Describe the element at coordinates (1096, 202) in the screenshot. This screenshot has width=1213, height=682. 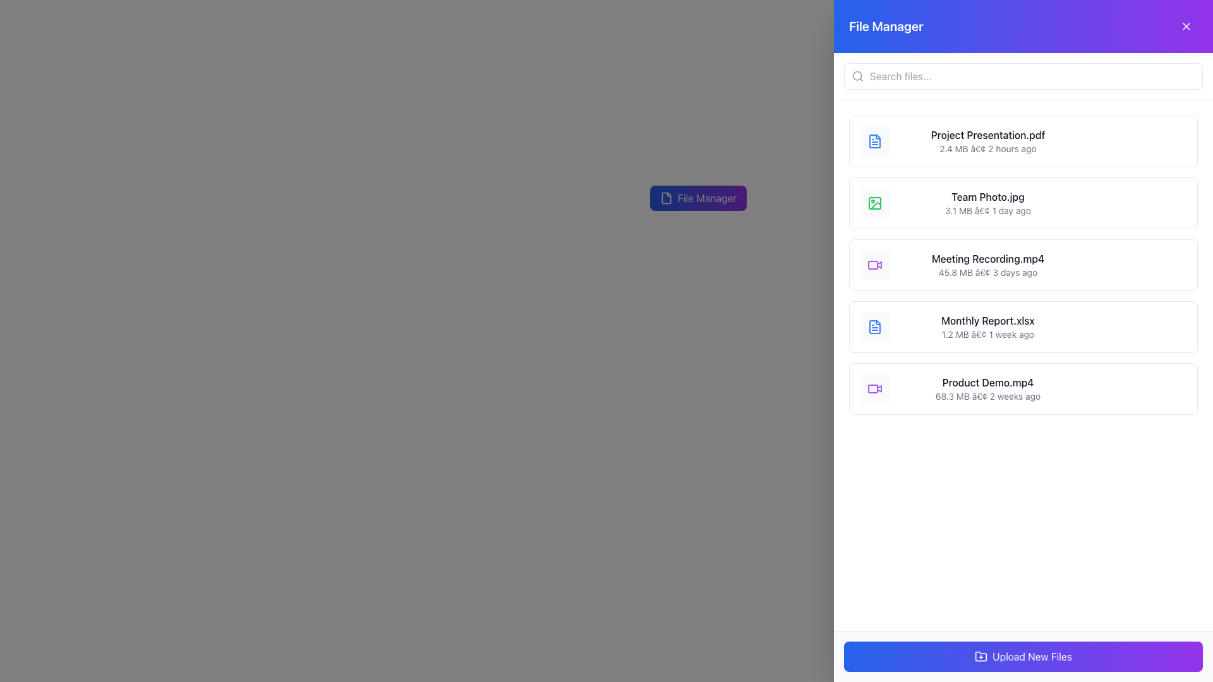
I see `the sharing button located in the horizontal bar of icons to the right of the 'Team Photo.jpg' file entry to initiate the sharing action` at that location.